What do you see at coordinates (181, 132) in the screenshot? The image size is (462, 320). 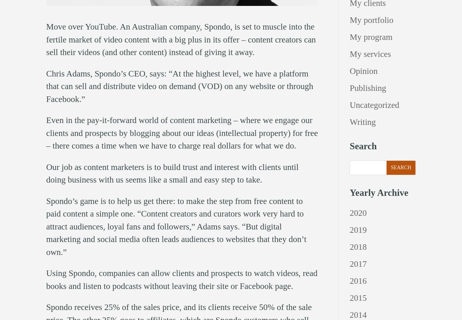 I see `'Even in the pay-it-forward world of content marketing – where we engage our clients and prospects by blogging about our ideas (intellectual property) for free – there comes a time when we have to charge real dollars for what we do.'` at bounding box center [181, 132].